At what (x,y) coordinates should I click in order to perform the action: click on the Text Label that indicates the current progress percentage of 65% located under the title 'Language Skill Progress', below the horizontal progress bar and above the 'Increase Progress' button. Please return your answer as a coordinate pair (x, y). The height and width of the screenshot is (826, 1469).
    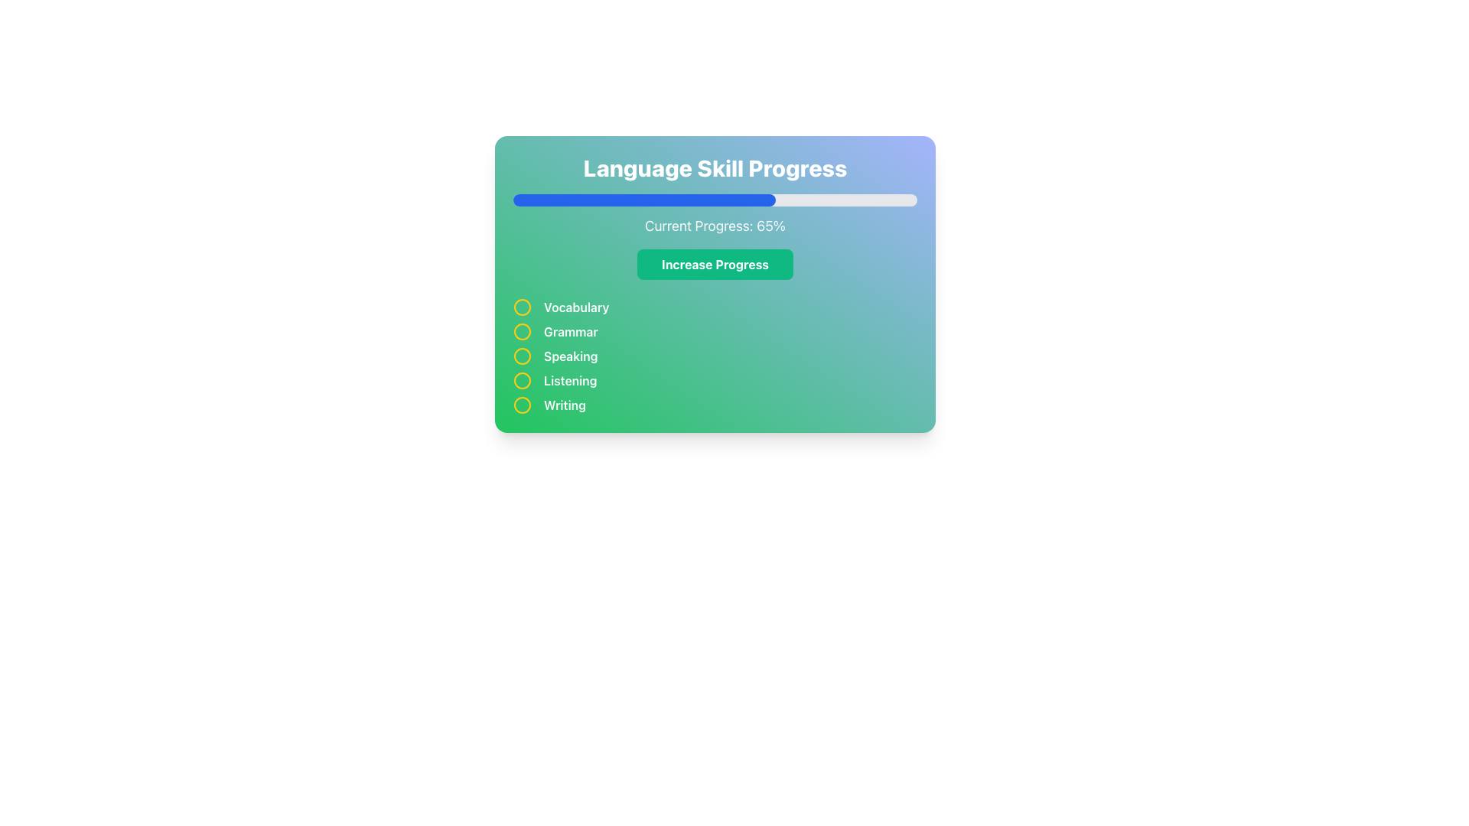
    Looking at the image, I should click on (715, 226).